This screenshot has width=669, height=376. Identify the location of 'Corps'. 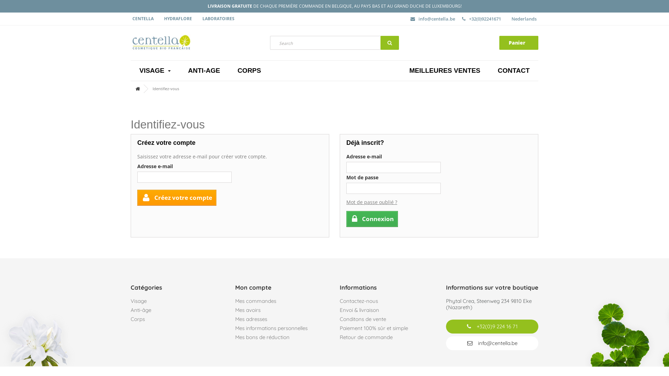
(130, 319).